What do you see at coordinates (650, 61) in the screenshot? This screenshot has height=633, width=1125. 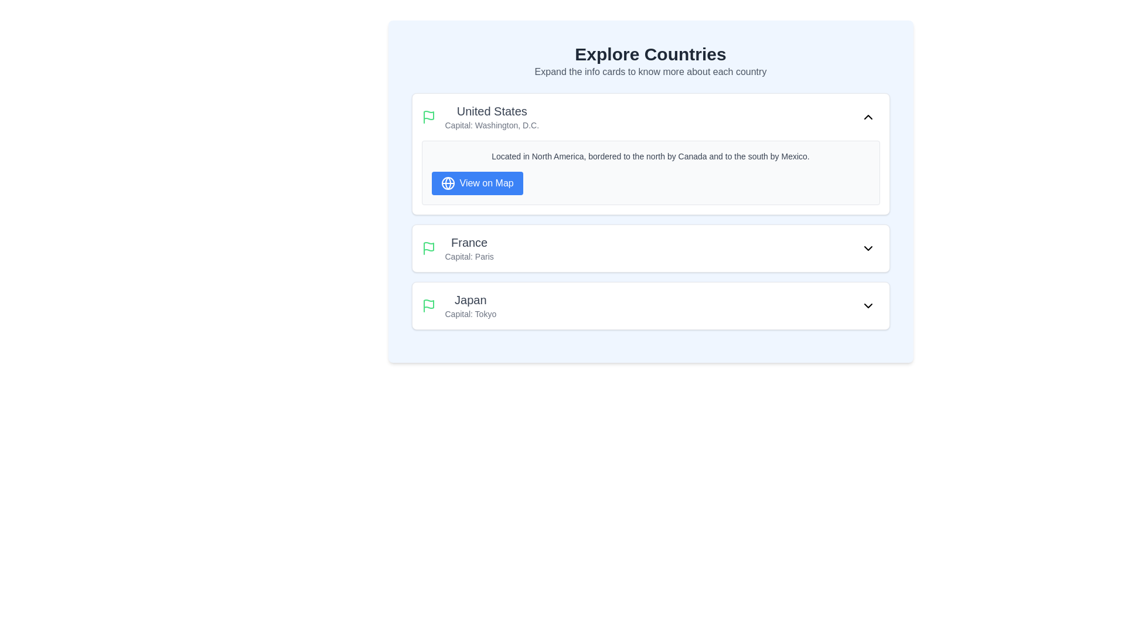 I see `the header text block that provides information about the page purpose ('Explore Countries') and instructional text ('Expand the info cards to know more about each country')` at bounding box center [650, 61].